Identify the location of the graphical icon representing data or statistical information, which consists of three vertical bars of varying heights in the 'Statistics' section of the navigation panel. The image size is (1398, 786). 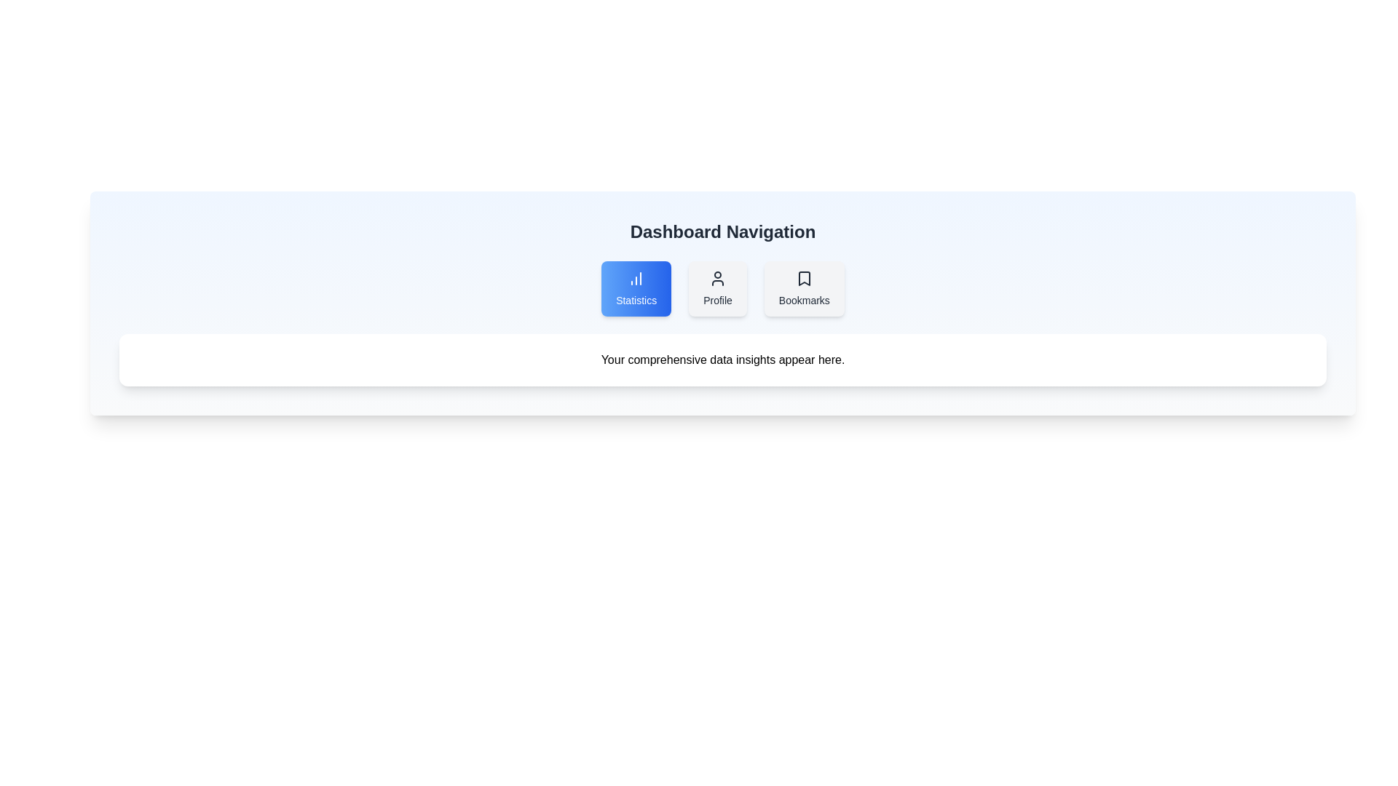
(636, 278).